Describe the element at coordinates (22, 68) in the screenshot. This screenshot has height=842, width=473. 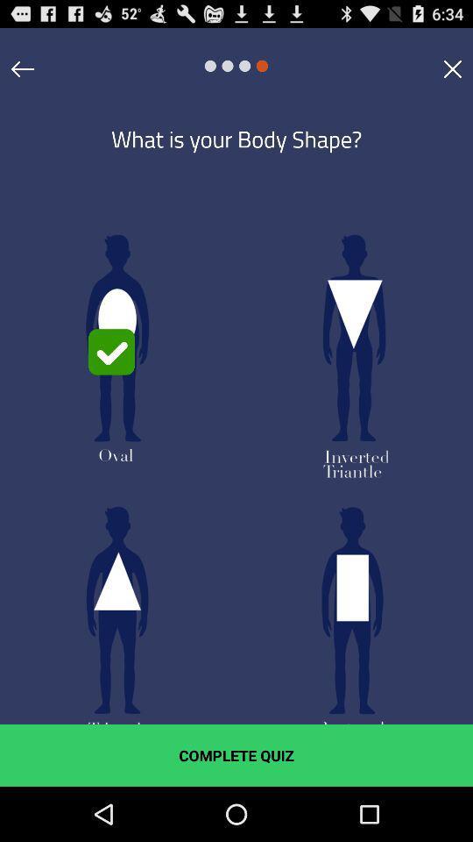
I see `item at the top left corner` at that location.